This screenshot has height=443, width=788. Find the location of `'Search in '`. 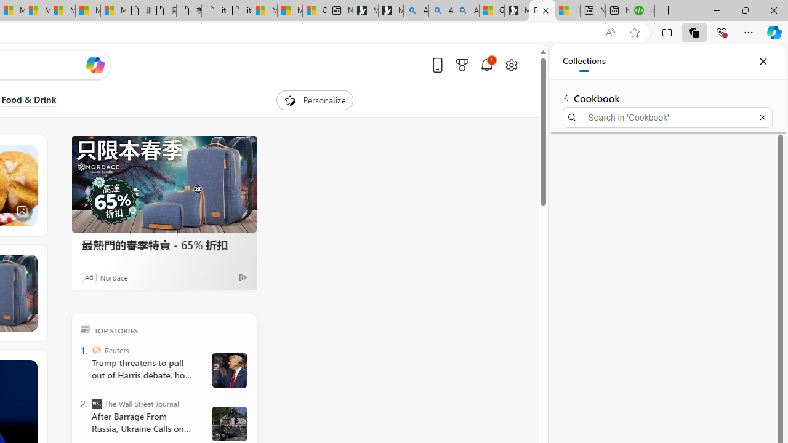

'Search in ' is located at coordinates (667, 118).